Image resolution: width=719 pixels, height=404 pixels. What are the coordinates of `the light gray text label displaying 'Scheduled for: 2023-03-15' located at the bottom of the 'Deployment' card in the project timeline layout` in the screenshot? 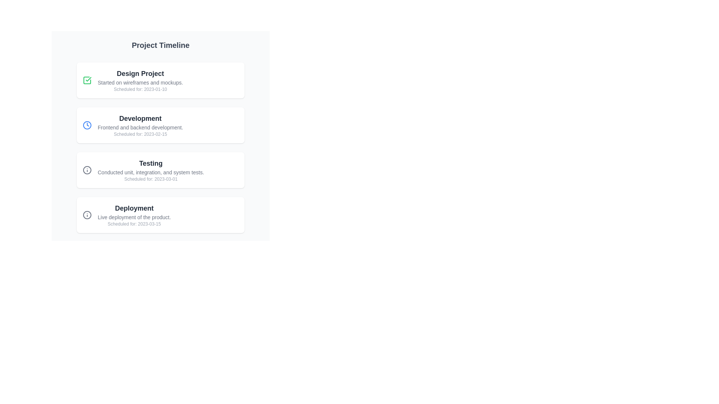 It's located at (134, 223).